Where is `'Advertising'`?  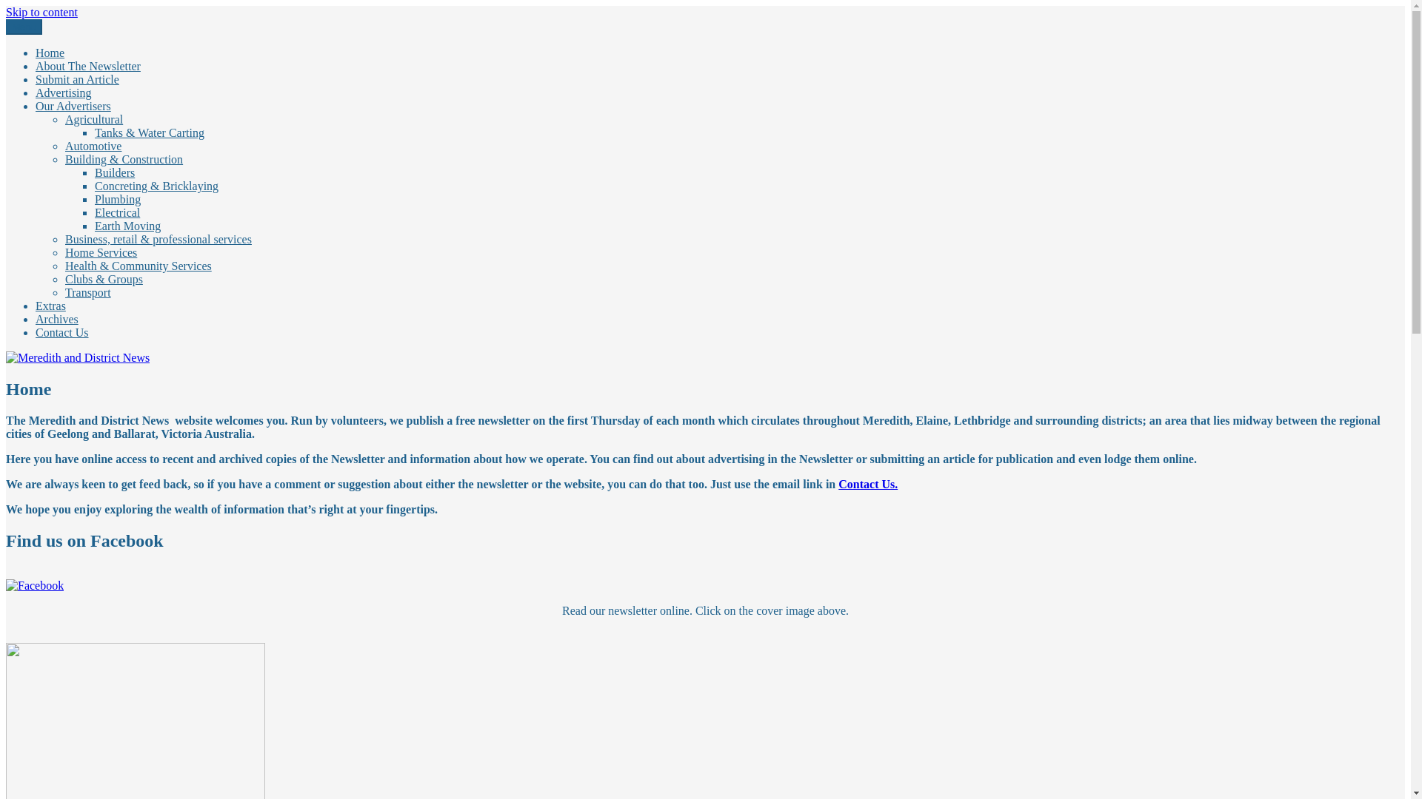 'Advertising' is located at coordinates (36, 92).